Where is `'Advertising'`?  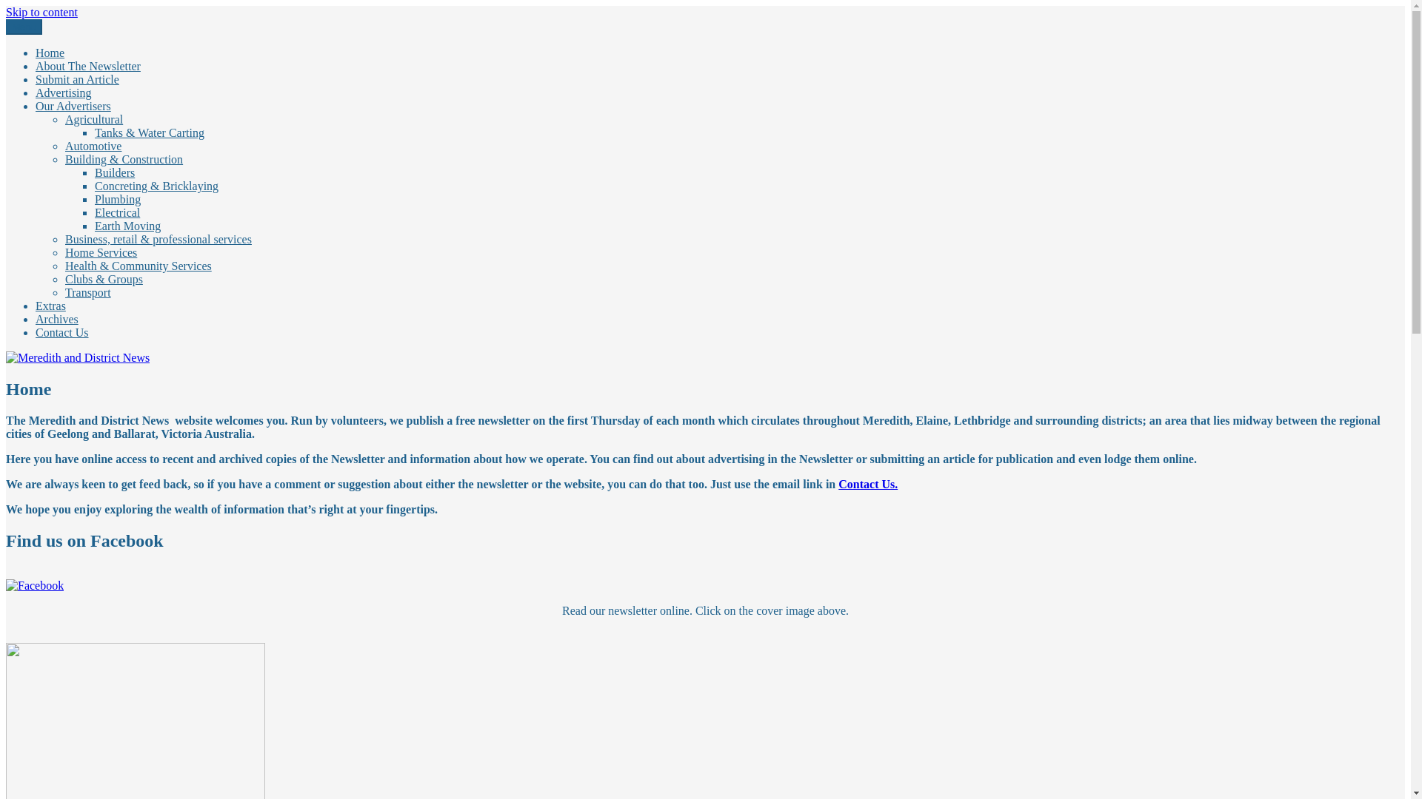 'Advertising' is located at coordinates (36, 92).